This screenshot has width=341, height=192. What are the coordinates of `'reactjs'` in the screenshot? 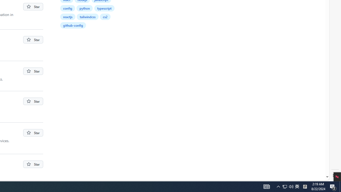 It's located at (68, 16).